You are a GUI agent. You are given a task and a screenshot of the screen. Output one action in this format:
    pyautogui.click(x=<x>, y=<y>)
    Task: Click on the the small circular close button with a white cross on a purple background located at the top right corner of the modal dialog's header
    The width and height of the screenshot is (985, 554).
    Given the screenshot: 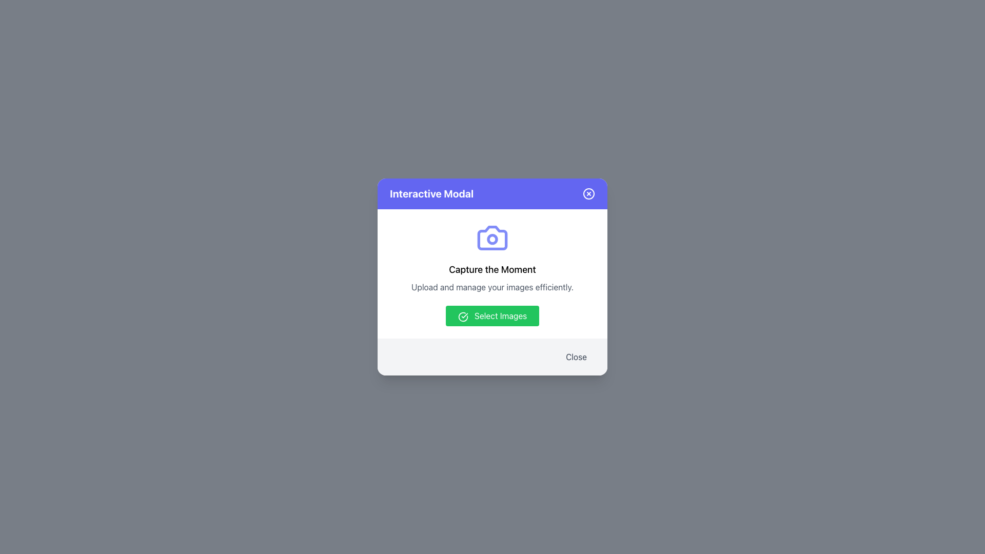 What is the action you would take?
    pyautogui.click(x=588, y=194)
    